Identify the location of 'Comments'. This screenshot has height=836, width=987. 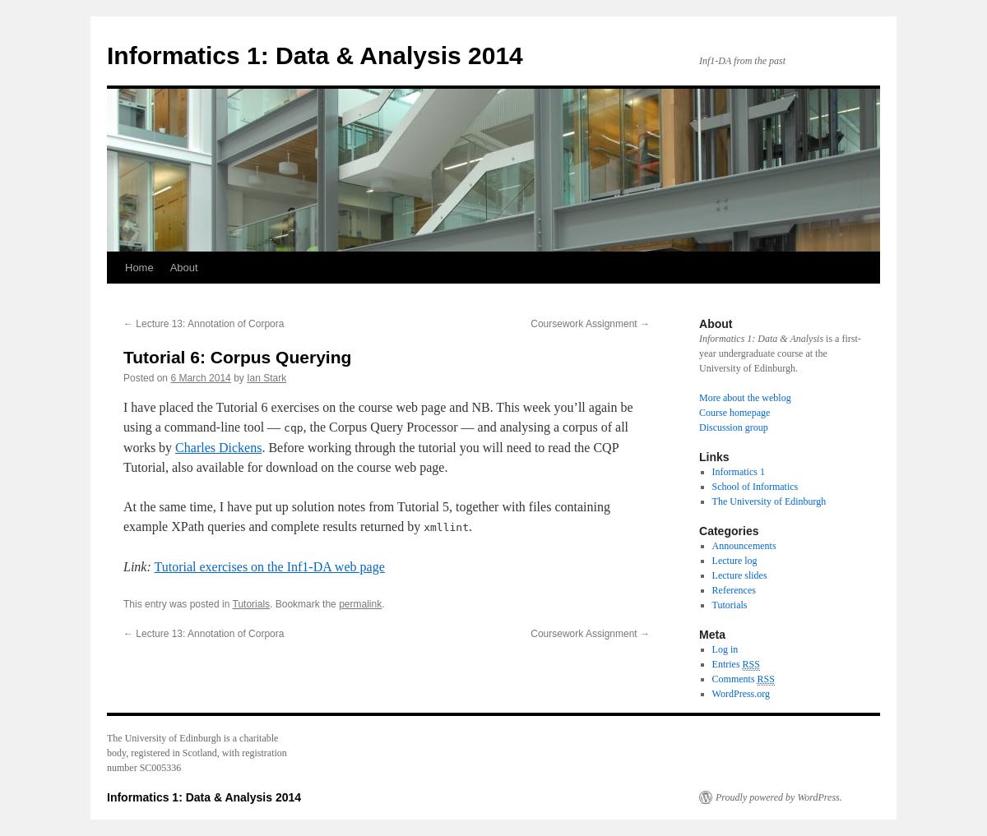
(733, 678).